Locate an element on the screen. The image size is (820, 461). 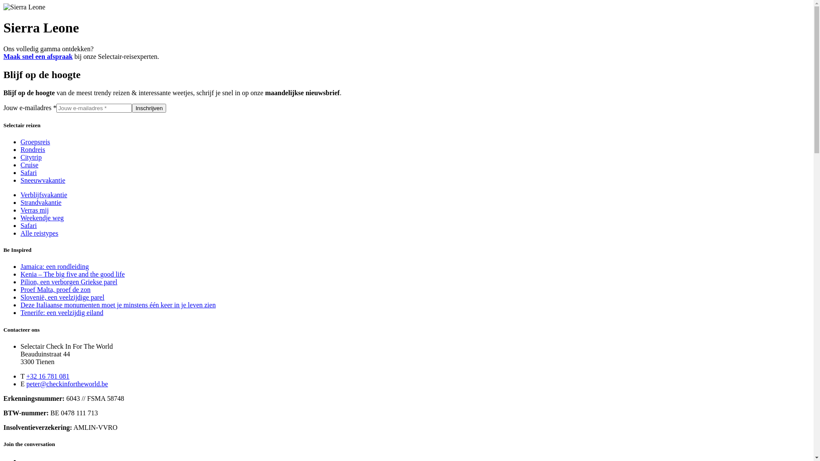
'Tenerife: een veelzijdig eiland' is located at coordinates (61, 312).